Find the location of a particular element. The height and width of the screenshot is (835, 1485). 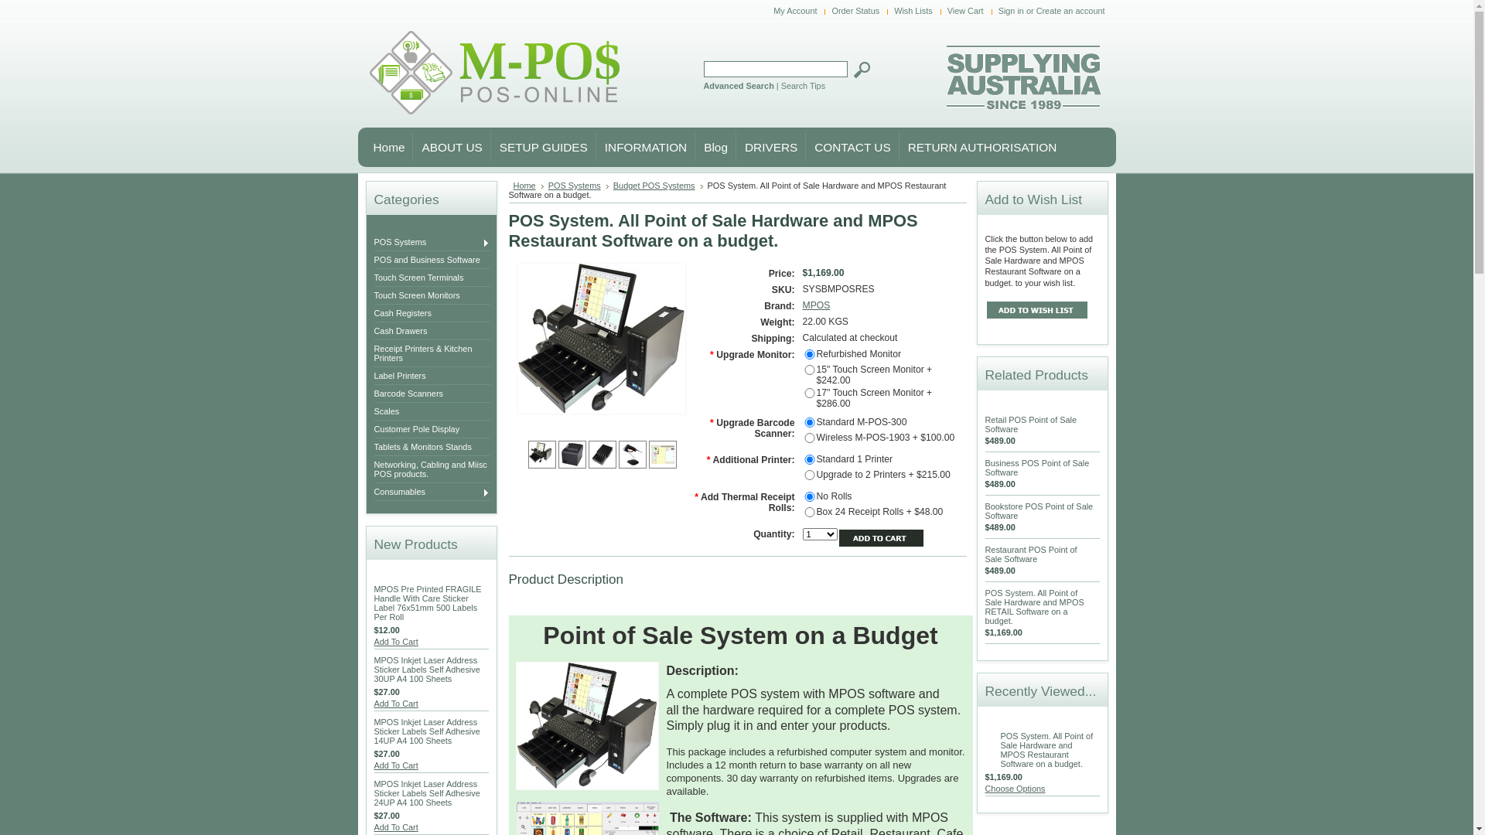

'POS Systems' is located at coordinates (578, 184).